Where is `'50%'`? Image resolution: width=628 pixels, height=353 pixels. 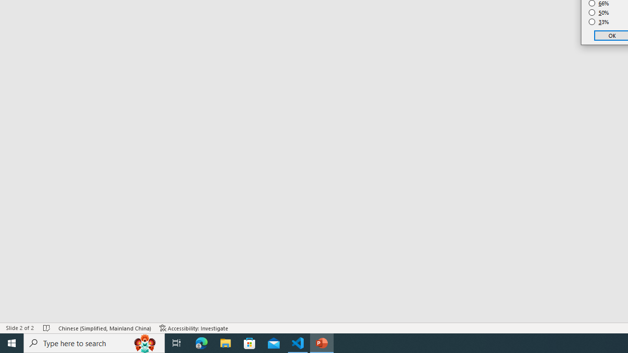
'50%' is located at coordinates (599, 12).